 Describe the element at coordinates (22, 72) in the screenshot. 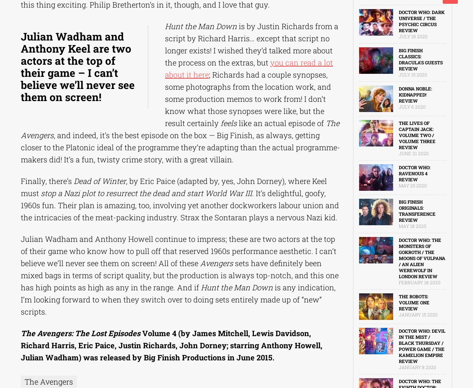

I see `'X-Men'` at that location.